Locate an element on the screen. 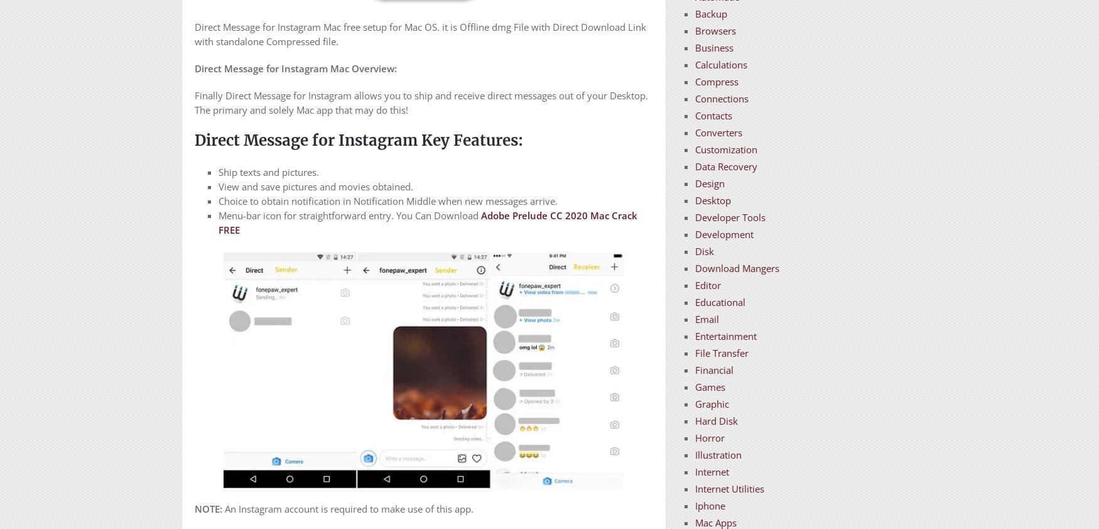 This screenshot has width=1099, height=529. 'Direct Message for Instagram Mac free setup for Mac OS. it is Offline dmg File with Direct Download Link with standalone Compressed file.' is located at coordinates (420, 33).